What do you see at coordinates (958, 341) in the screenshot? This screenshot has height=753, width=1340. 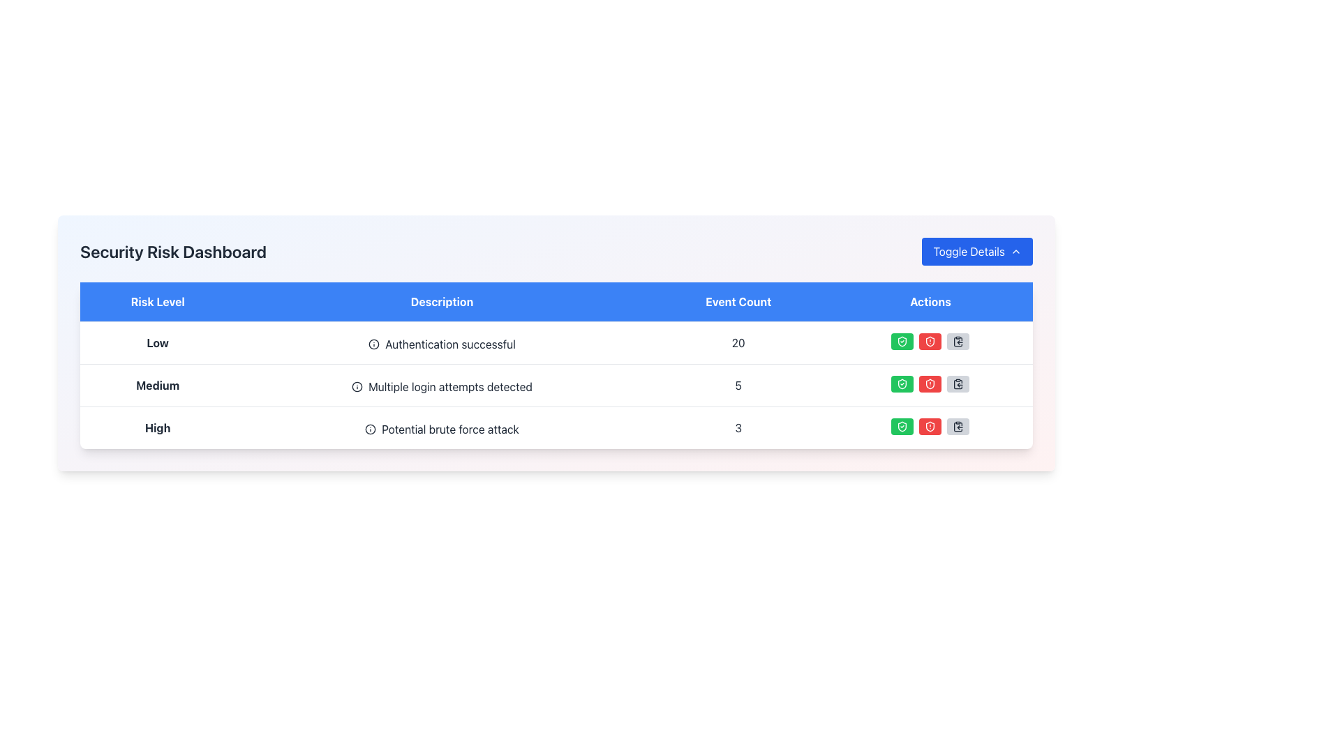 I see `the copy icon located in the 'Actions' column of the third row, associated with the row labeled 'Low'` at bounding box center [958, 341].